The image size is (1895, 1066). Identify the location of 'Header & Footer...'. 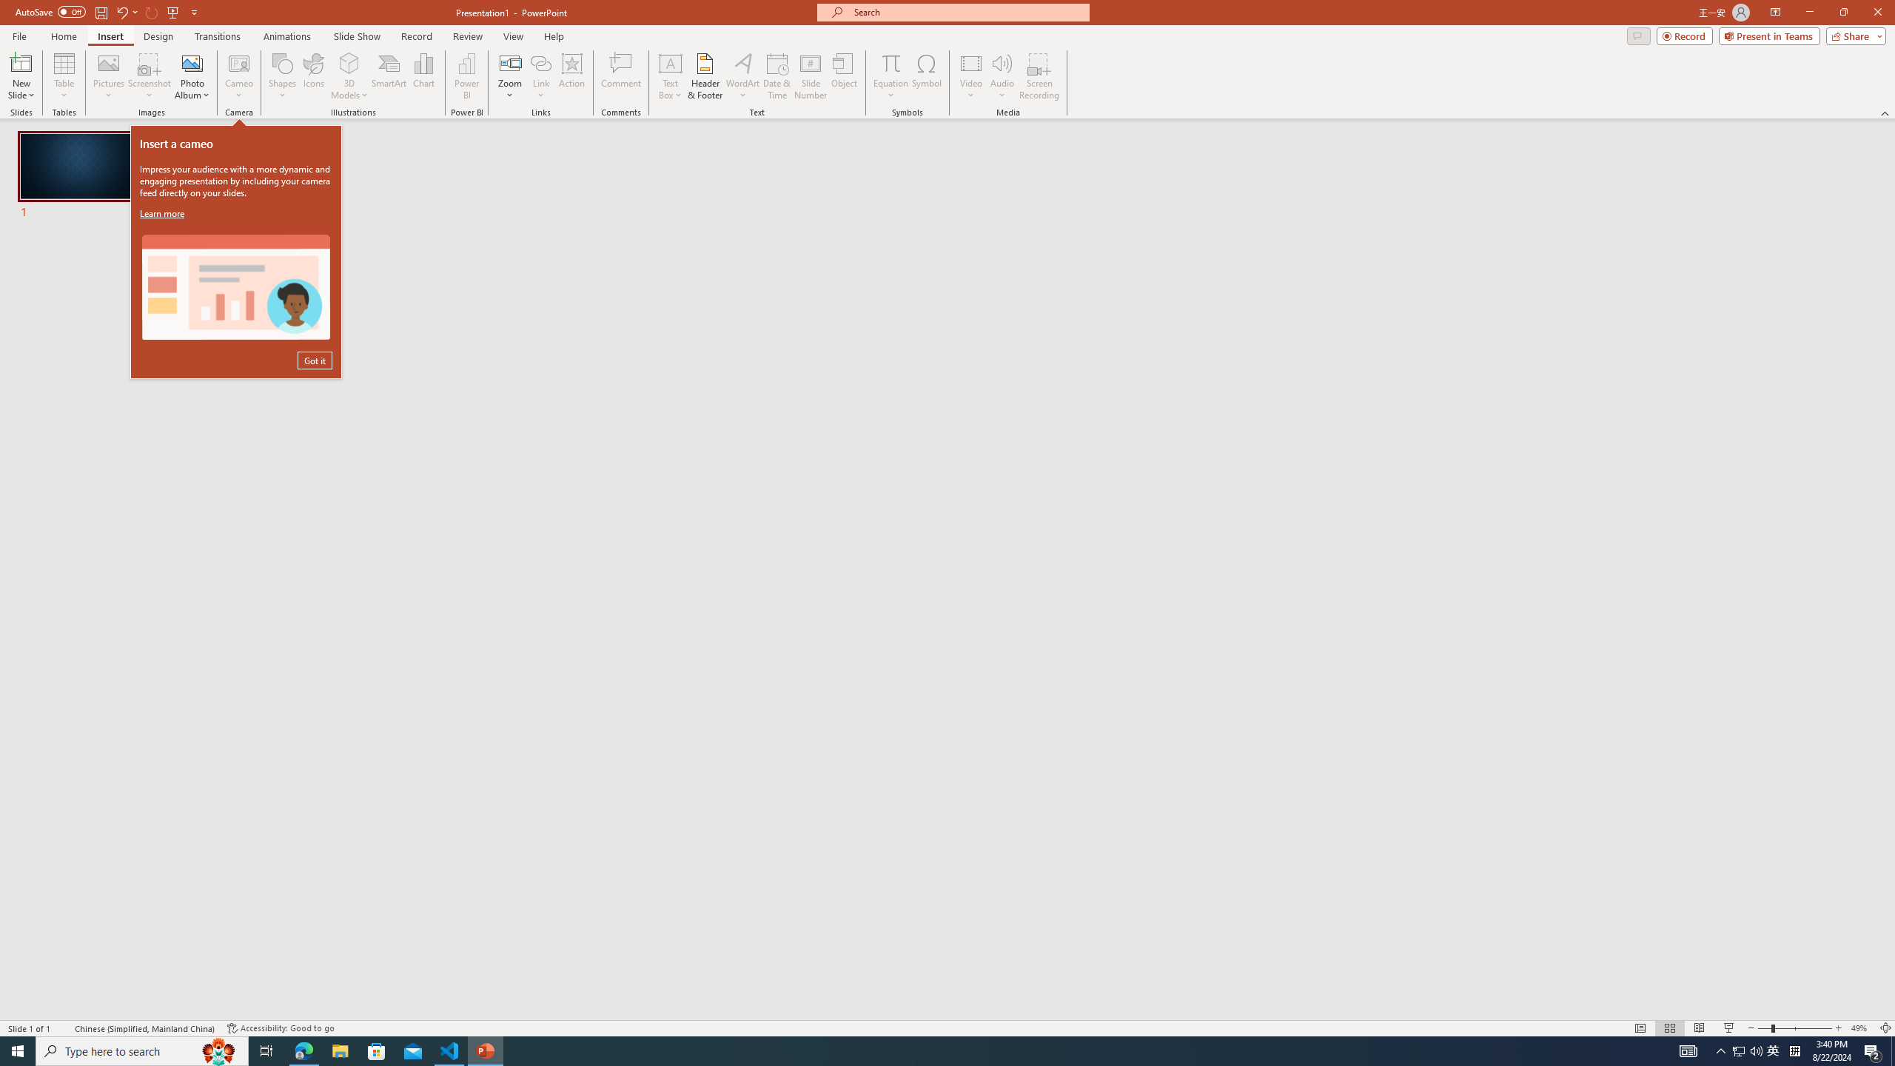
(704, 76).